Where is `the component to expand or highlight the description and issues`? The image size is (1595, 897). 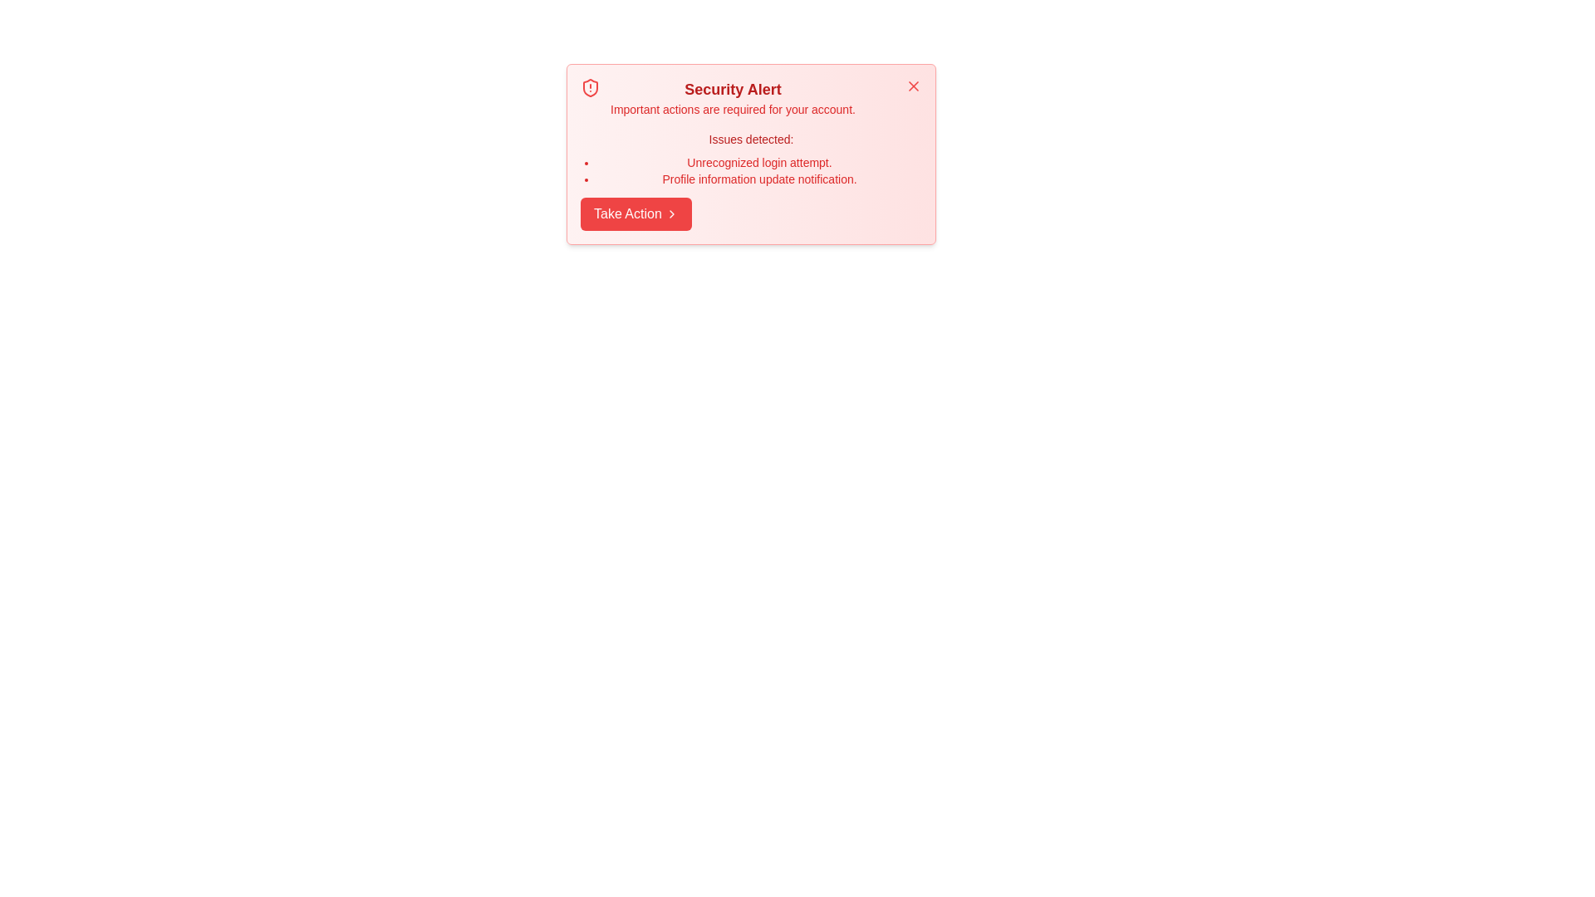
the component to expand or highlight the description and issues is located at coordinates (750, 154).